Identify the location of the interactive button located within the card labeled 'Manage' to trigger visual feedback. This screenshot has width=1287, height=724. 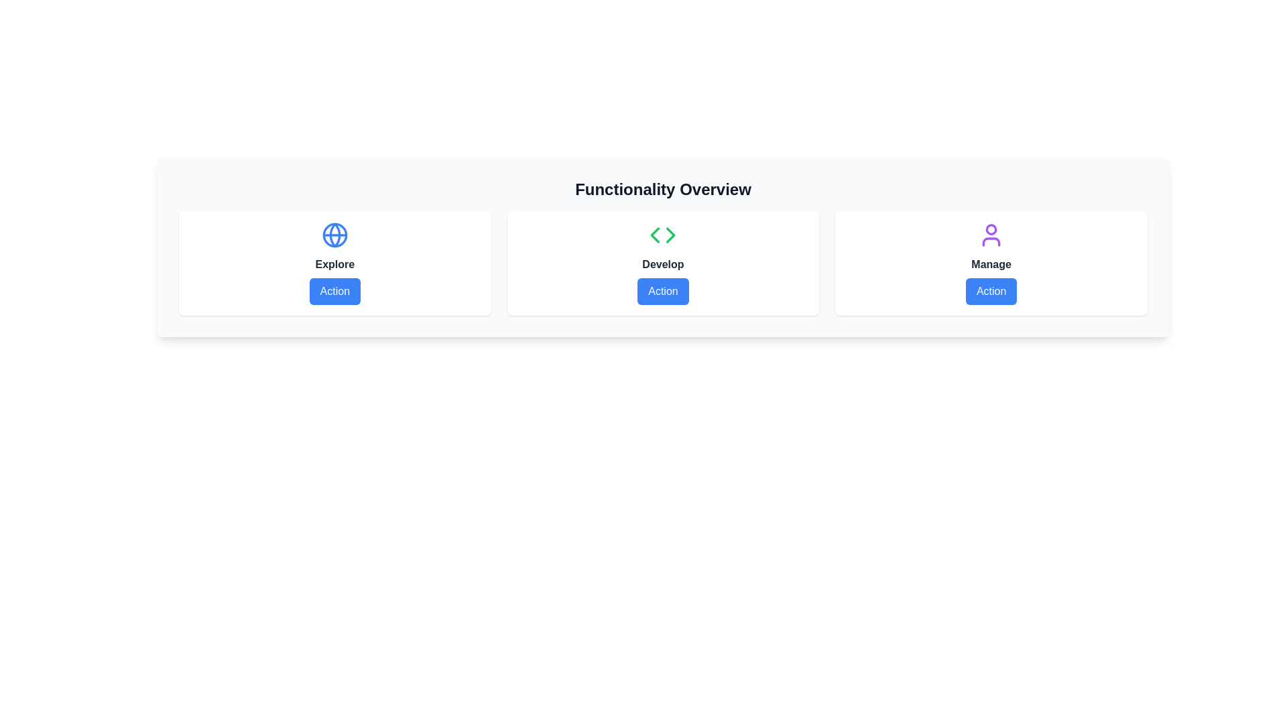
(991, 291).